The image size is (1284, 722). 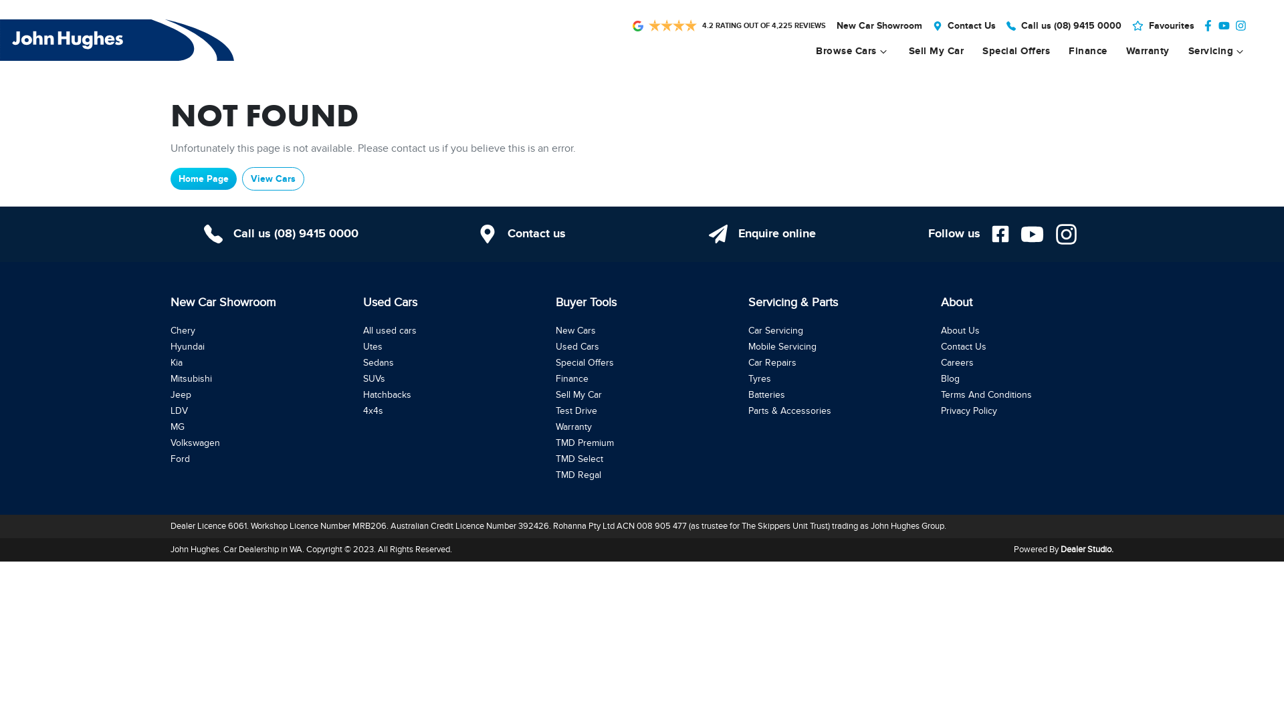 What do you see at coordinates (578, 474) in the screenshot?
I see `'TMD Regal'` at bounding box center [578, 474].